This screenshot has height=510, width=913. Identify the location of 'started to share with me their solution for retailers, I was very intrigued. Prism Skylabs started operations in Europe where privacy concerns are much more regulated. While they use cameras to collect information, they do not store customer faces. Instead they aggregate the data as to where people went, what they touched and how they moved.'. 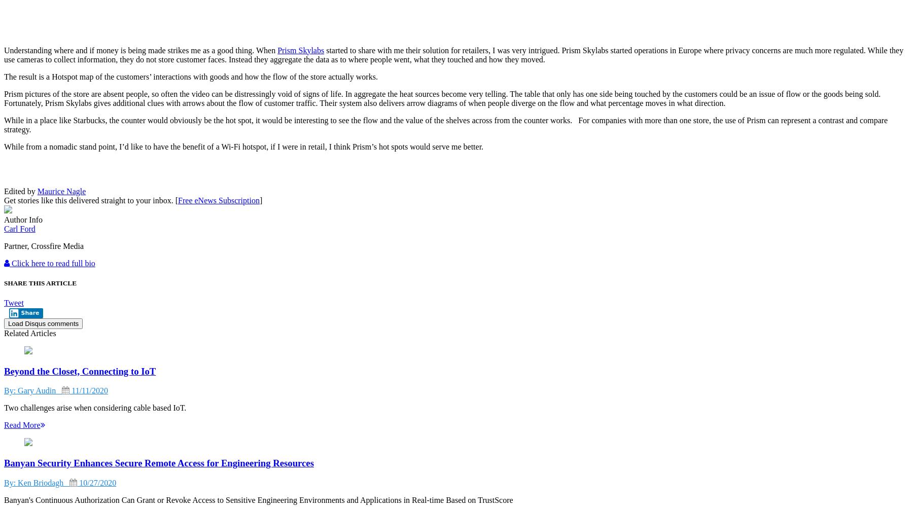
(453, 54).